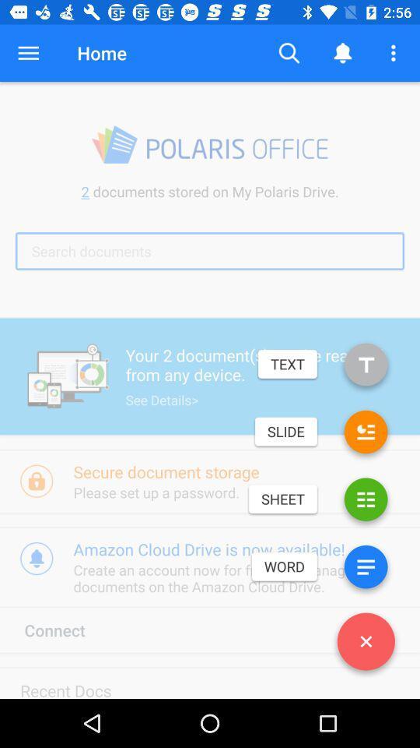 The height and width of the screenshot is (748, 420). I want to click on click word, so click(366, 569).